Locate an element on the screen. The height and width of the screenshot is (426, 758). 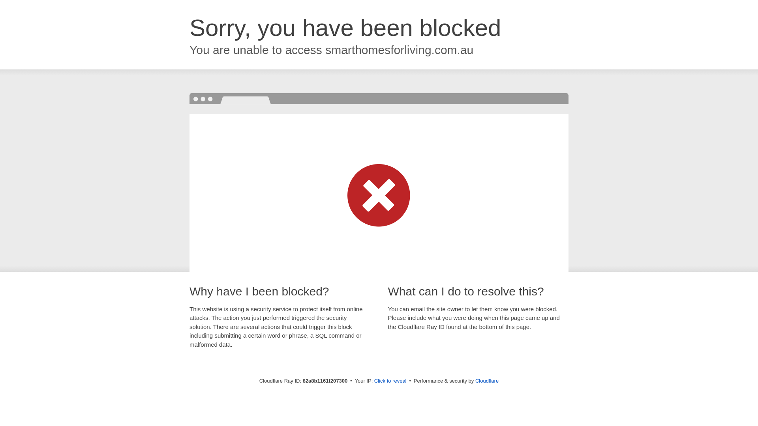
'Click to reveal' is located at coordinates (390, 380).